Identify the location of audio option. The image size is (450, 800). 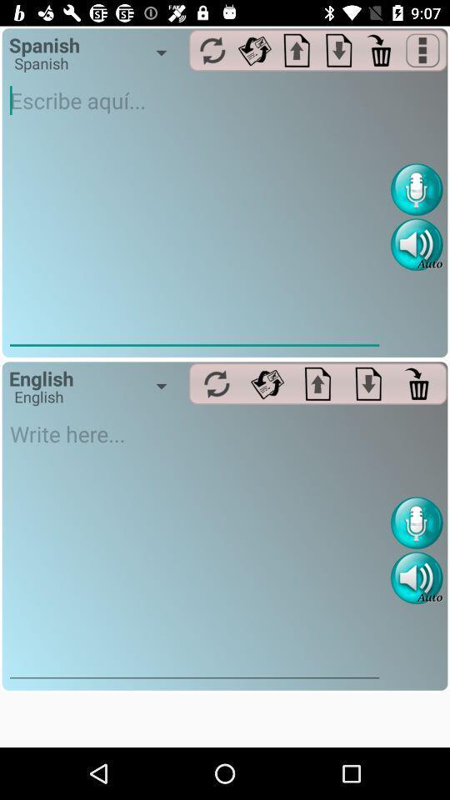
(416, 243).